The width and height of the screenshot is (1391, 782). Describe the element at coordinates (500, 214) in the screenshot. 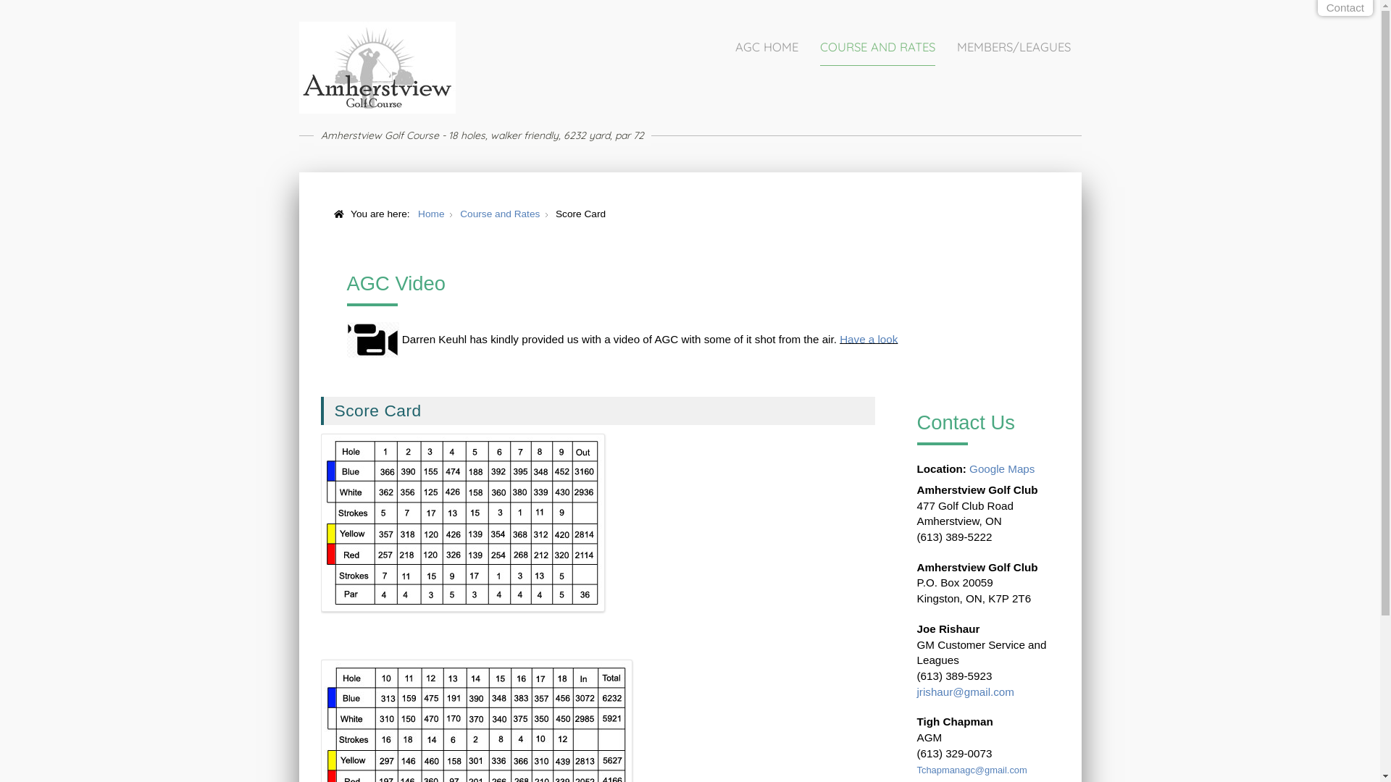

I see `'Course and Rates'` at that location.